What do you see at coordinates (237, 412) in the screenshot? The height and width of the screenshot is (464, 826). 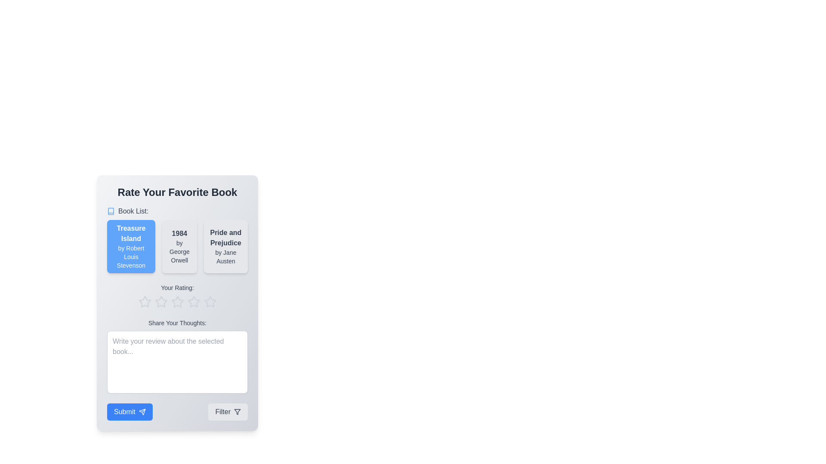 I see `the 'Filter' button that contains the funnel icon` at bounding box center [237, 412].